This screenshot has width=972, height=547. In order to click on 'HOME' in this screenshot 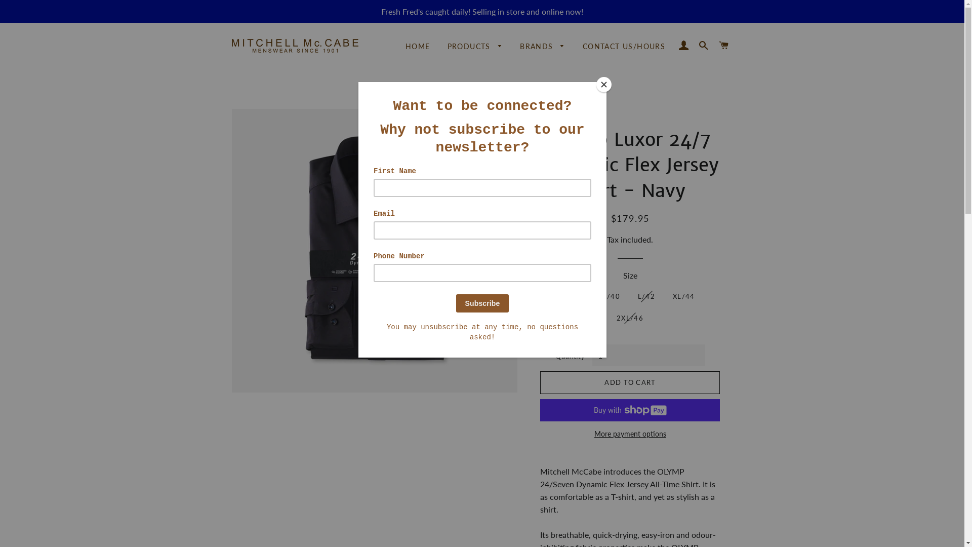, I will do `click(397, 47)`.